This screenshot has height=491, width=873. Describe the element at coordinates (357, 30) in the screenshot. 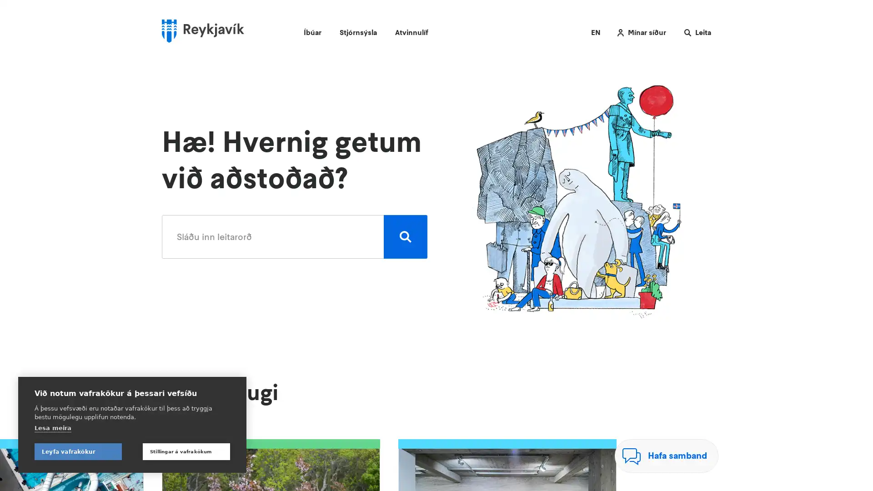

I see `Stjornsysla` at that location.